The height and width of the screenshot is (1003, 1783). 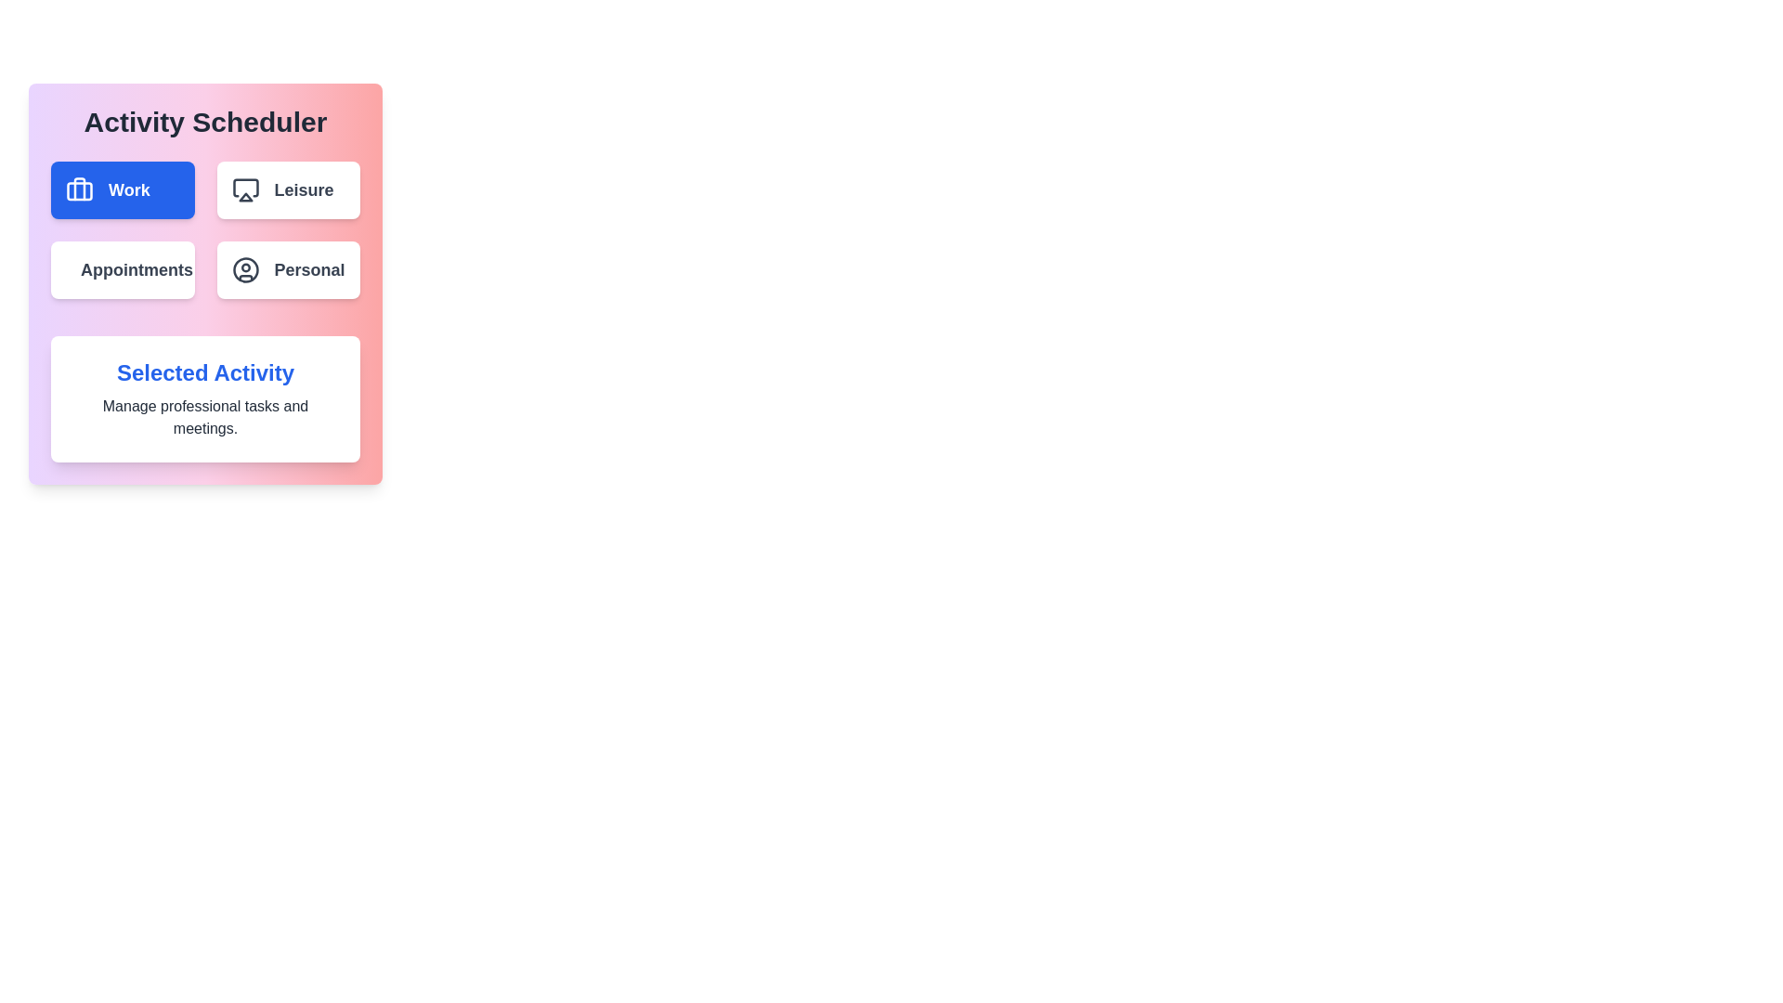 I want to click on the blue bold text label displaying 'Selected Activity' located at the bottom of the interface above the smaller text 'Manage professional tasks and meetings', so click(x=205, y=372).